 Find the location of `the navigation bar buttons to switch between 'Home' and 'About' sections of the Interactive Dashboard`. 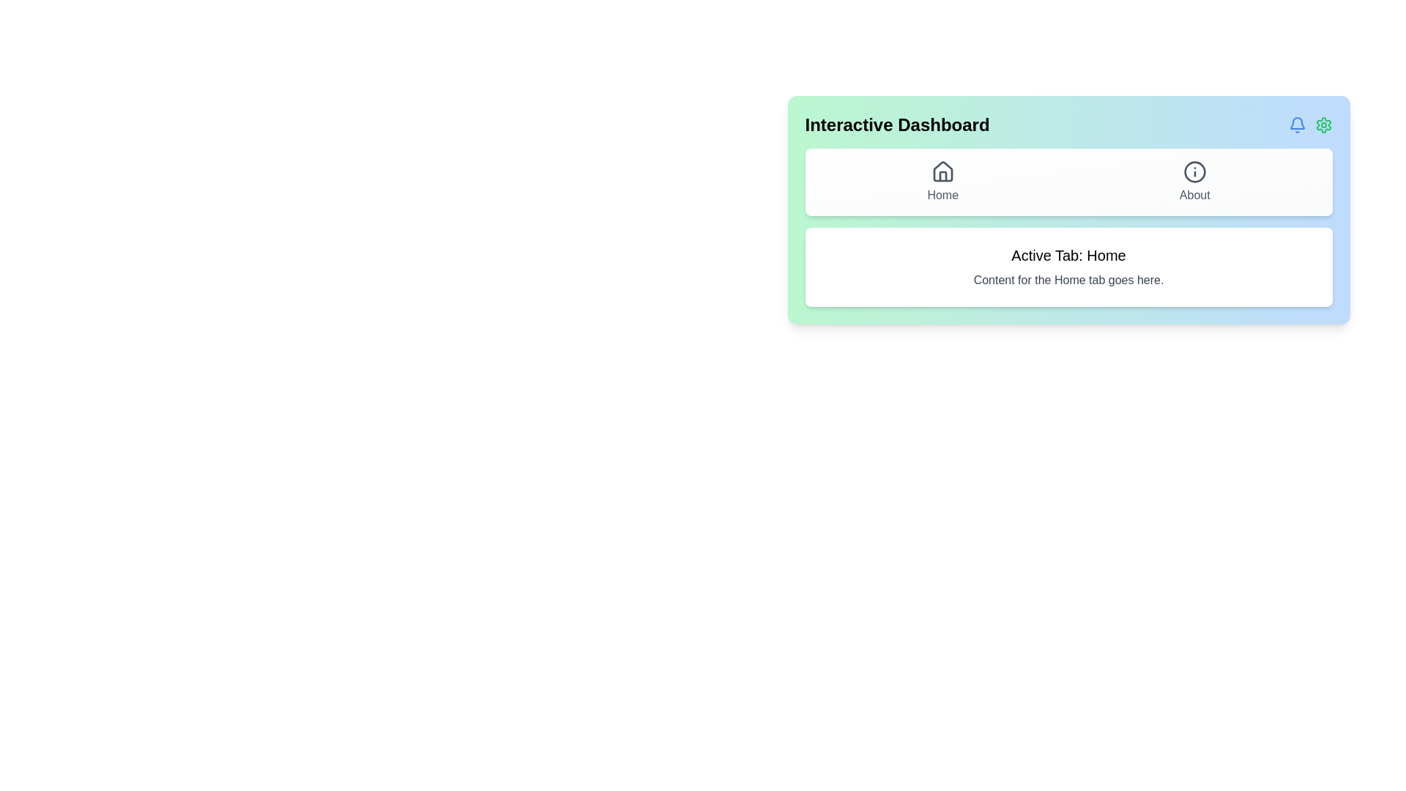

the navigation bar buttons to switch between 'Home' and 'About' sections of the Interactive Dashboard is located at coordinates (1068, 182).